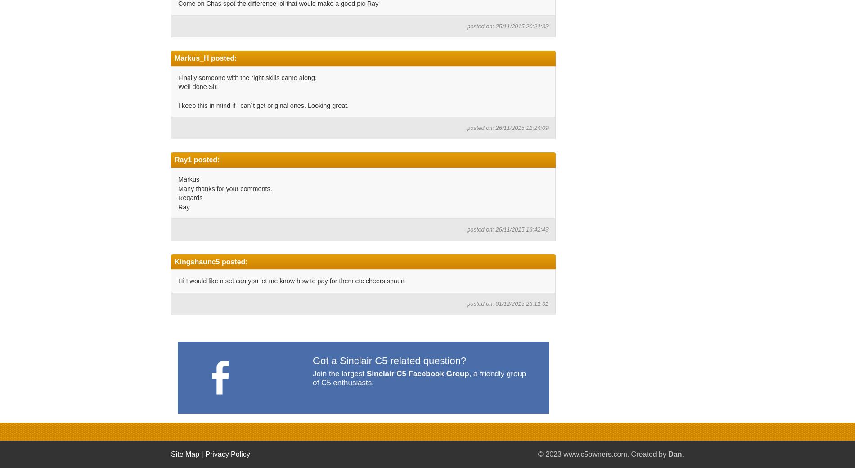 This screenshot has width=855, height=468. I want to click on 'Ray1 posted:', so click(196, 160).